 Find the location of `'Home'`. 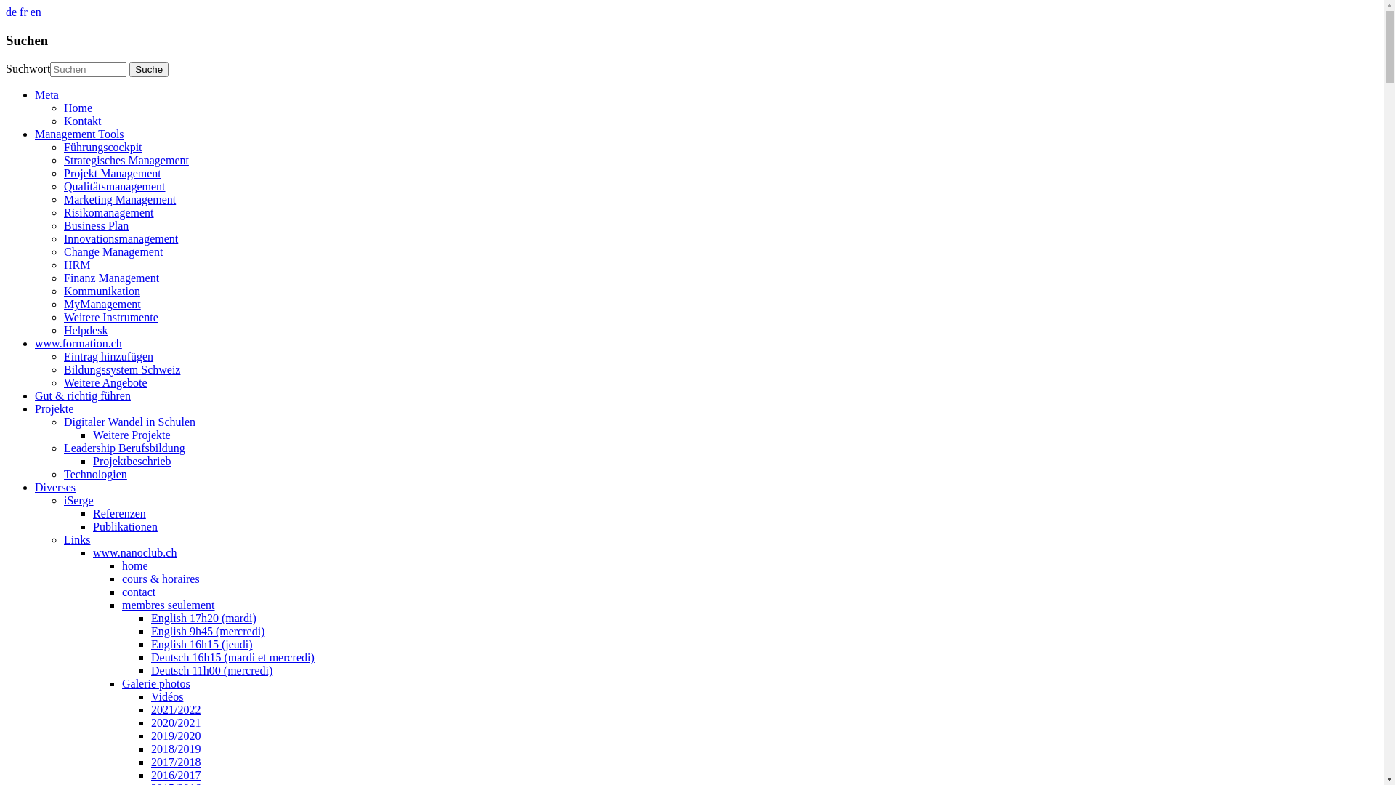

'Home' is located at coordinates (77, 107).